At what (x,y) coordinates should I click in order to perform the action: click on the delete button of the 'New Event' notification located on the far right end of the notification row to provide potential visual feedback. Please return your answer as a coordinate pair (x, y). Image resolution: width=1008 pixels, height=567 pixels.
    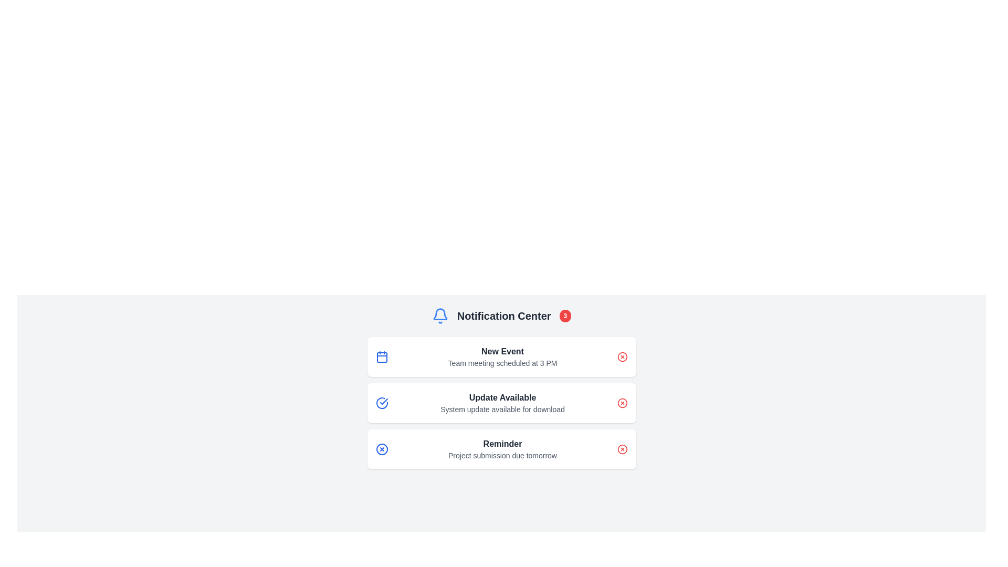
    Looking at the image, I should click on (622, 356).